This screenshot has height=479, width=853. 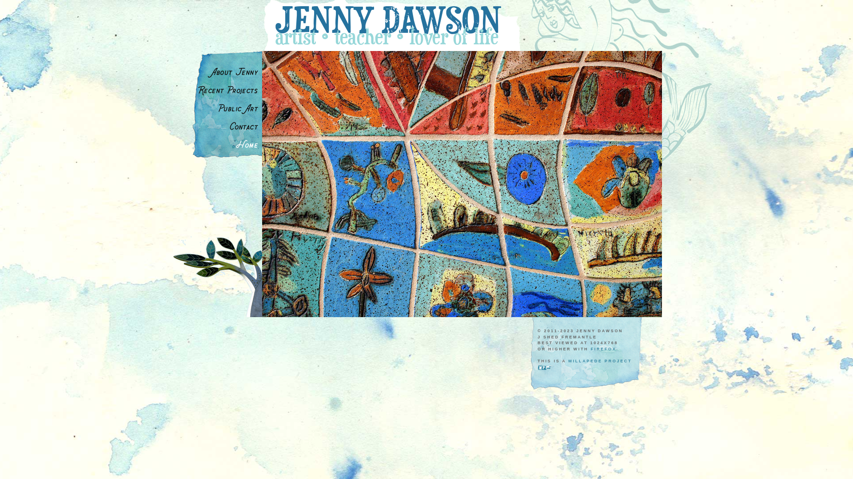 I want to click on 'FIREFOX', so click(x=603, y=348).